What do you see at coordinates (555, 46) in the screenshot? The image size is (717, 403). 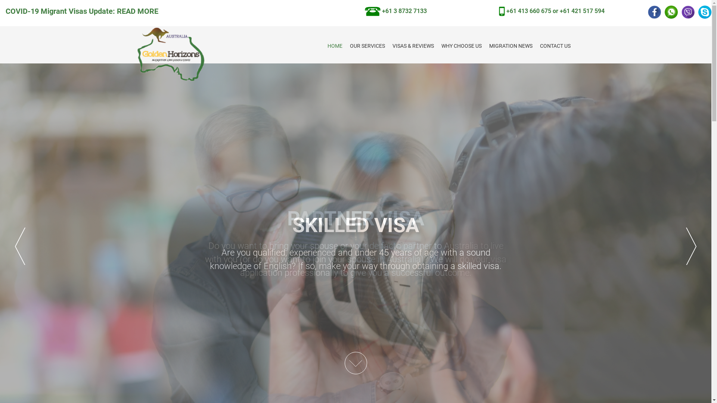 I see `'CONTACT US'` at bounding box center [555, 46].